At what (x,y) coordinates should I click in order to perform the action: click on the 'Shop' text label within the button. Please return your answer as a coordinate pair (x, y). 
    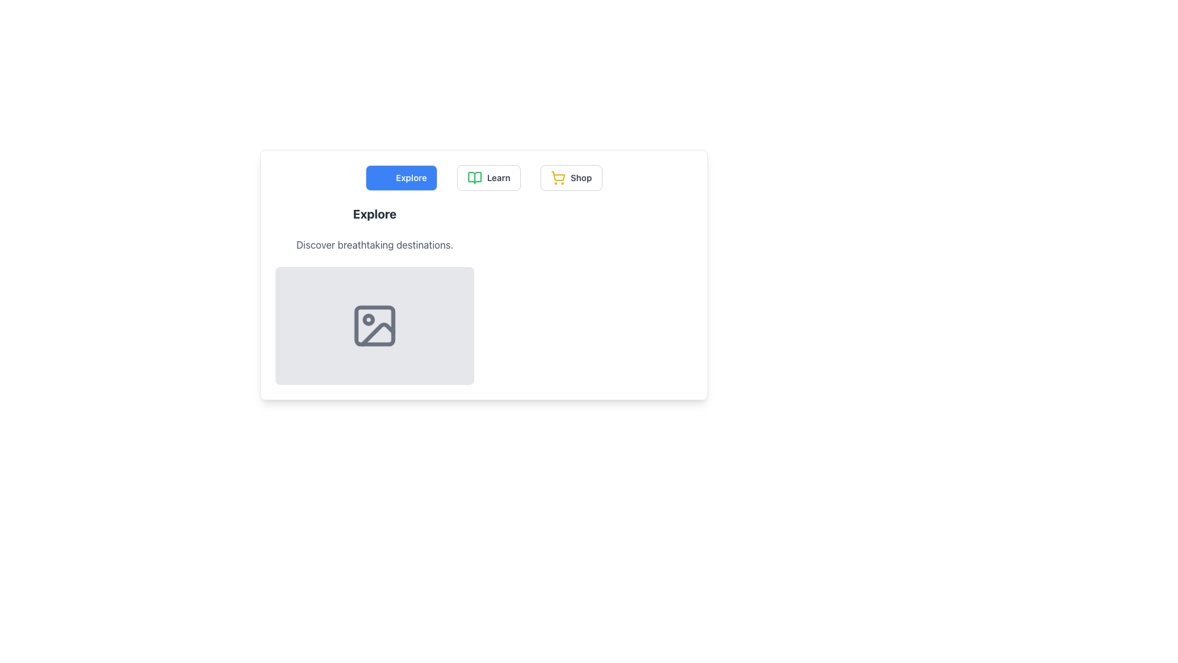
    Looking at the image, I should click on (580, 177).